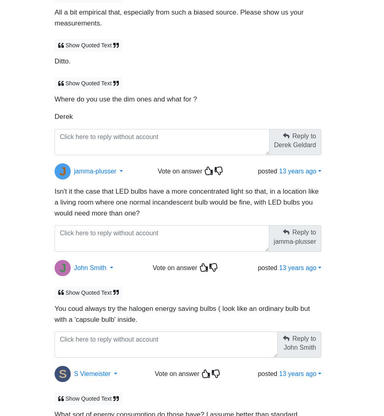 This screenshot has height=416, width=384. What do you see at coordinates (54, 57) in the screenshot?
I see `'Ditto.'` at bounding box center [54, 57].